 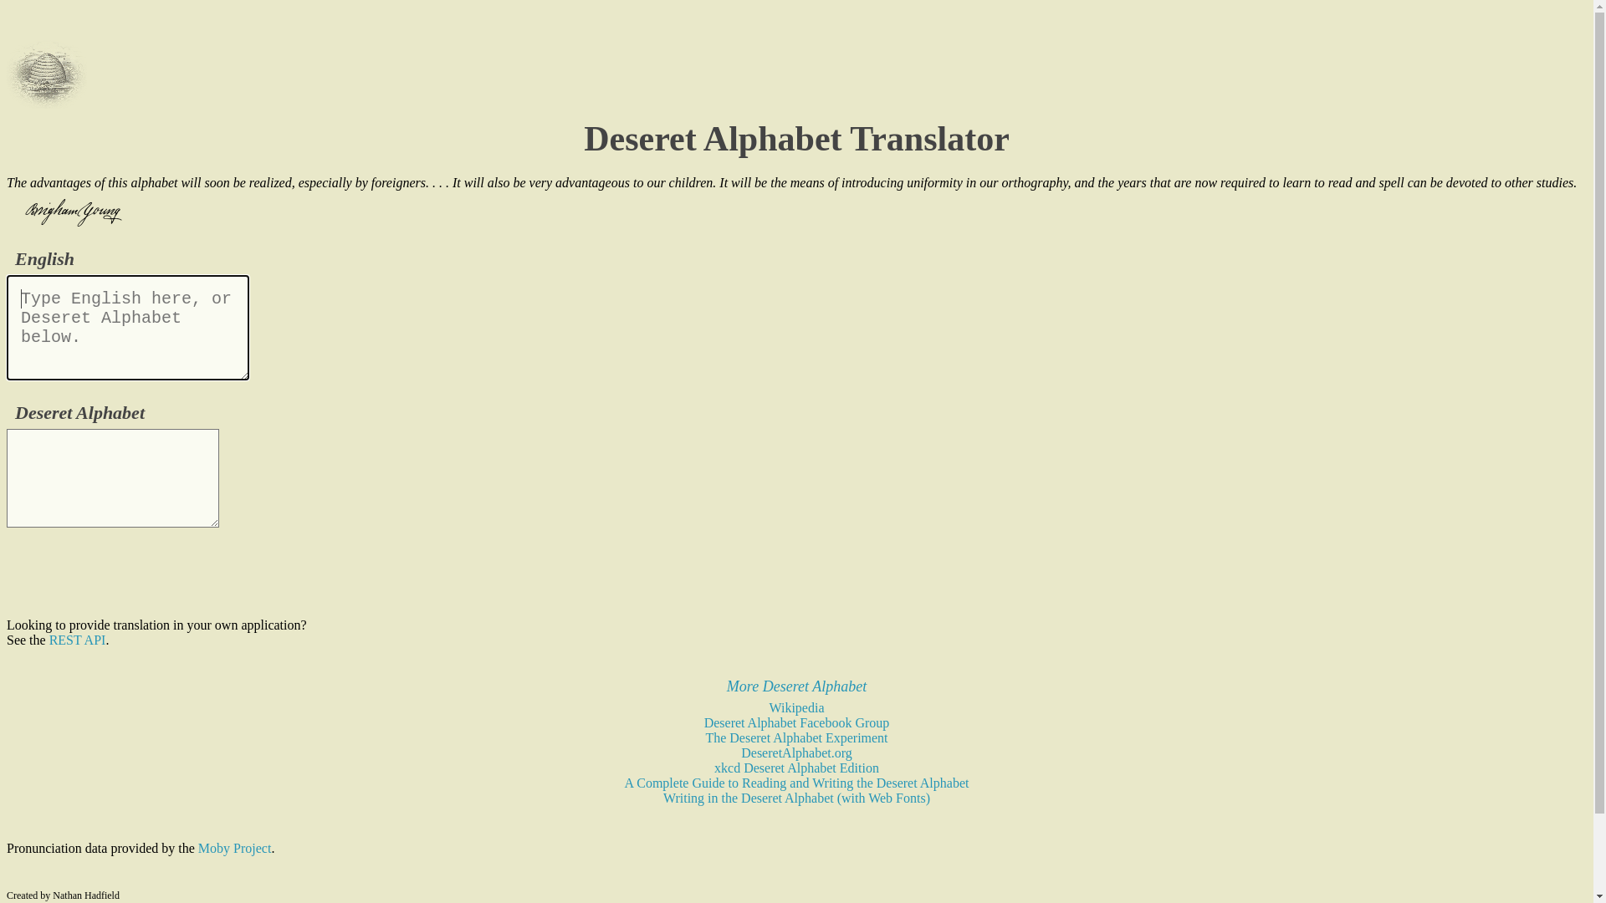 I want to click on 'Moby Project', so click(x=234, y=848).